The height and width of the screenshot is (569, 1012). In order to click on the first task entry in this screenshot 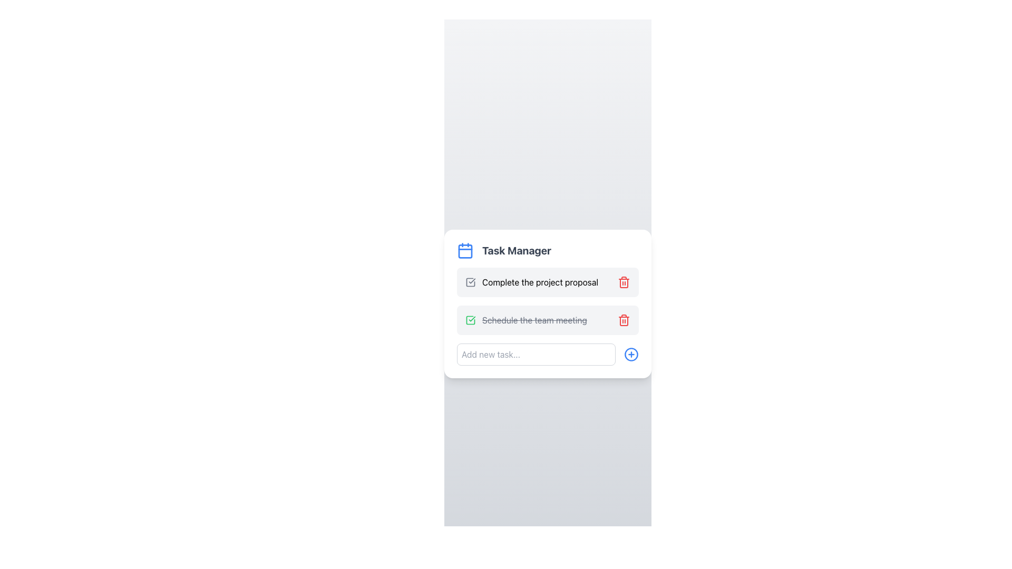, I will do `click(548, 282)`.